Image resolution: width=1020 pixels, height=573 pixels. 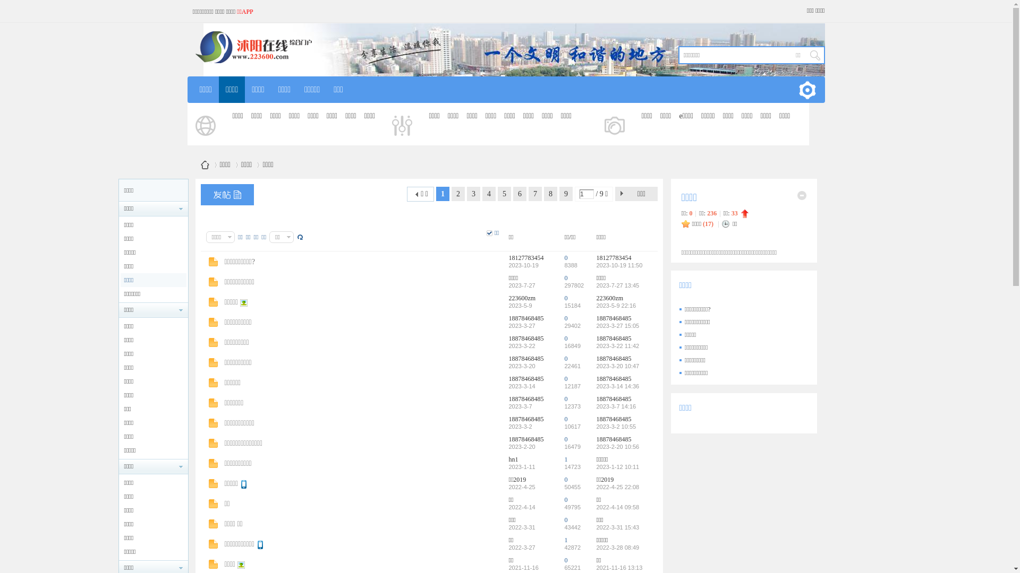 I want to click on '223600zm', so click(x=522, y=298).